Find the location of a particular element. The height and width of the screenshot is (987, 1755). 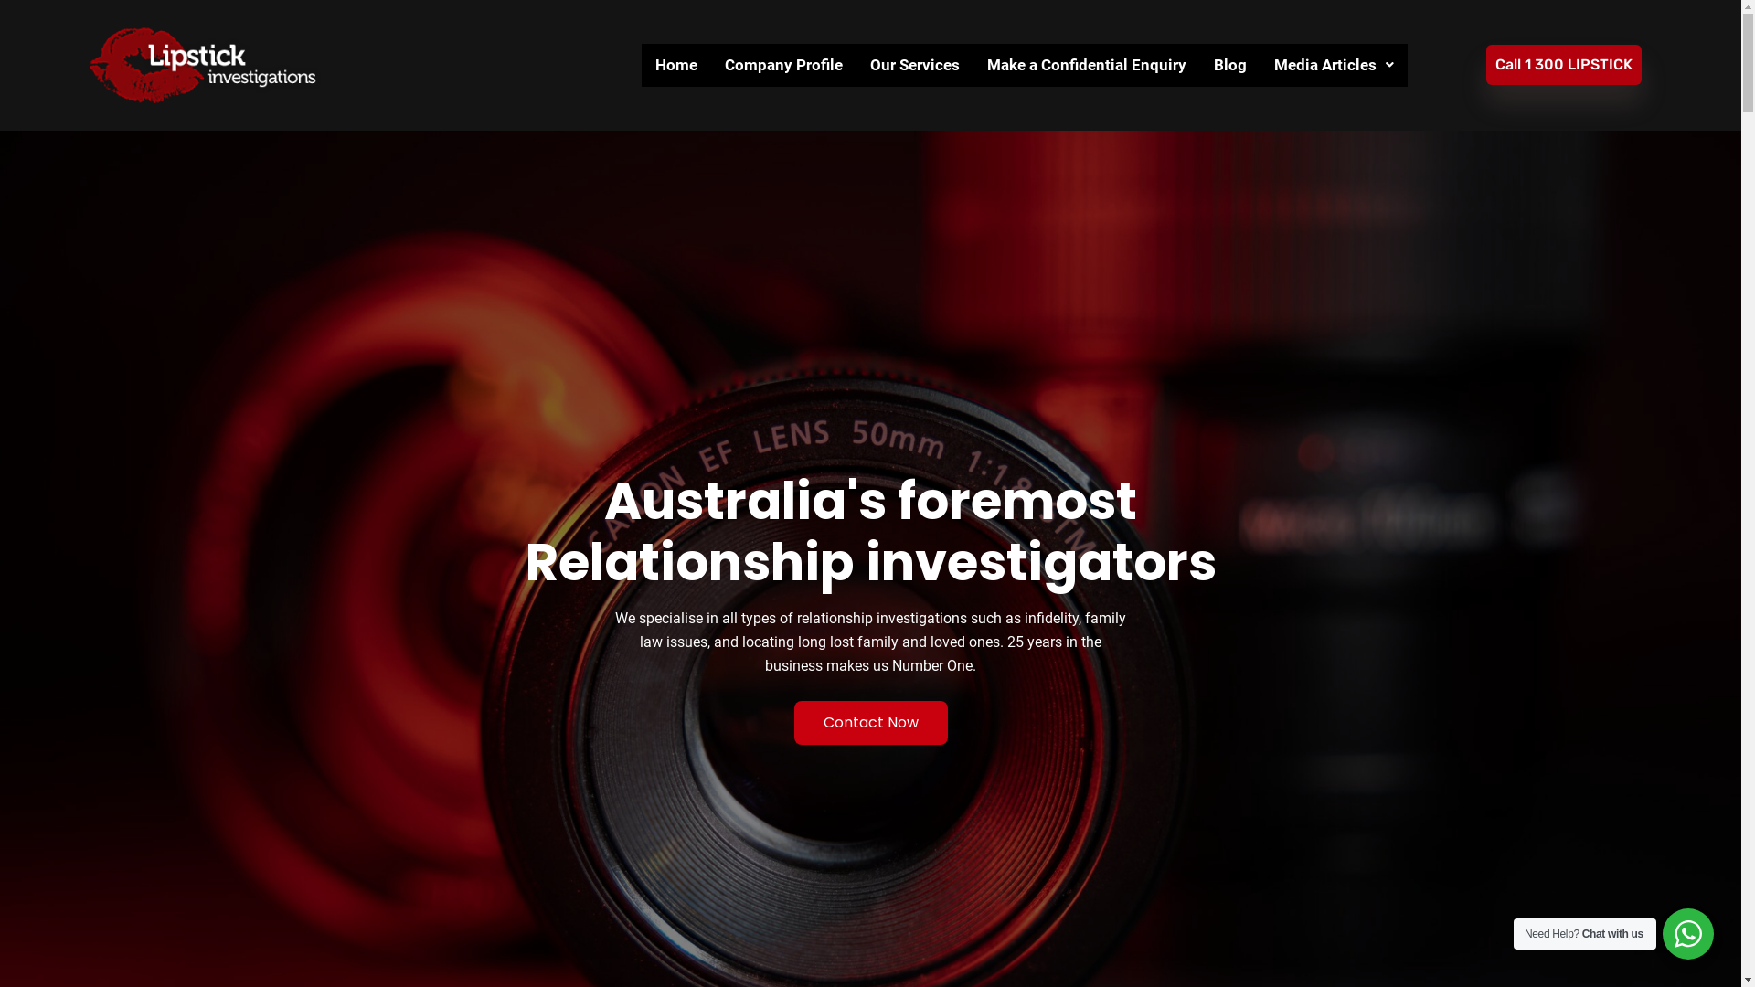

'Our Services' is located at coordinates (915, 64).